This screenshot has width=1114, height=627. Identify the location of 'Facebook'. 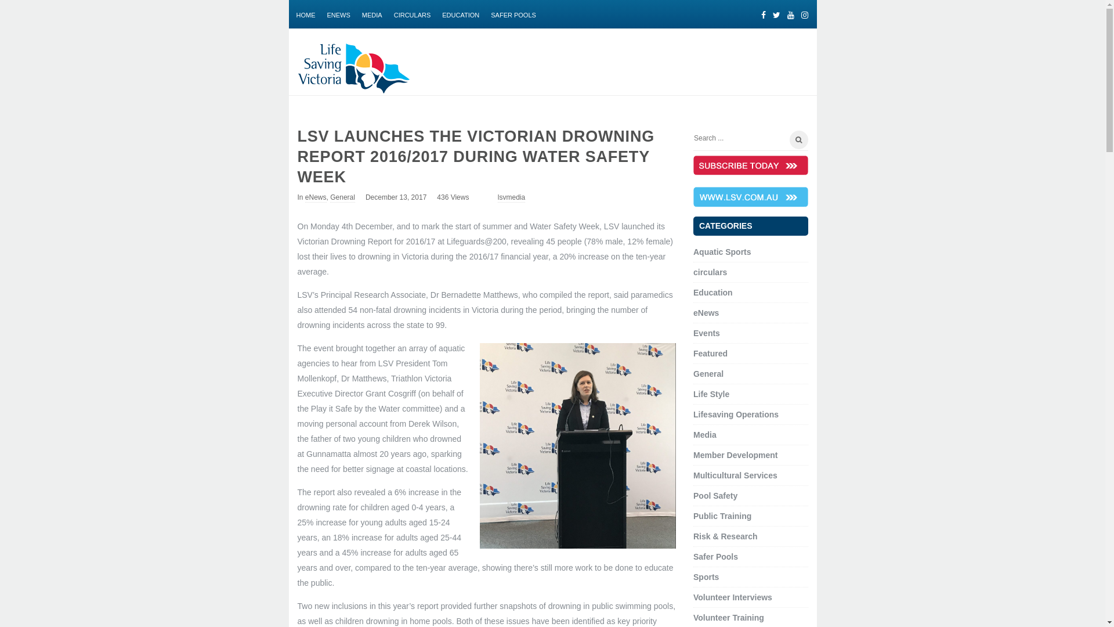
(763, 10).